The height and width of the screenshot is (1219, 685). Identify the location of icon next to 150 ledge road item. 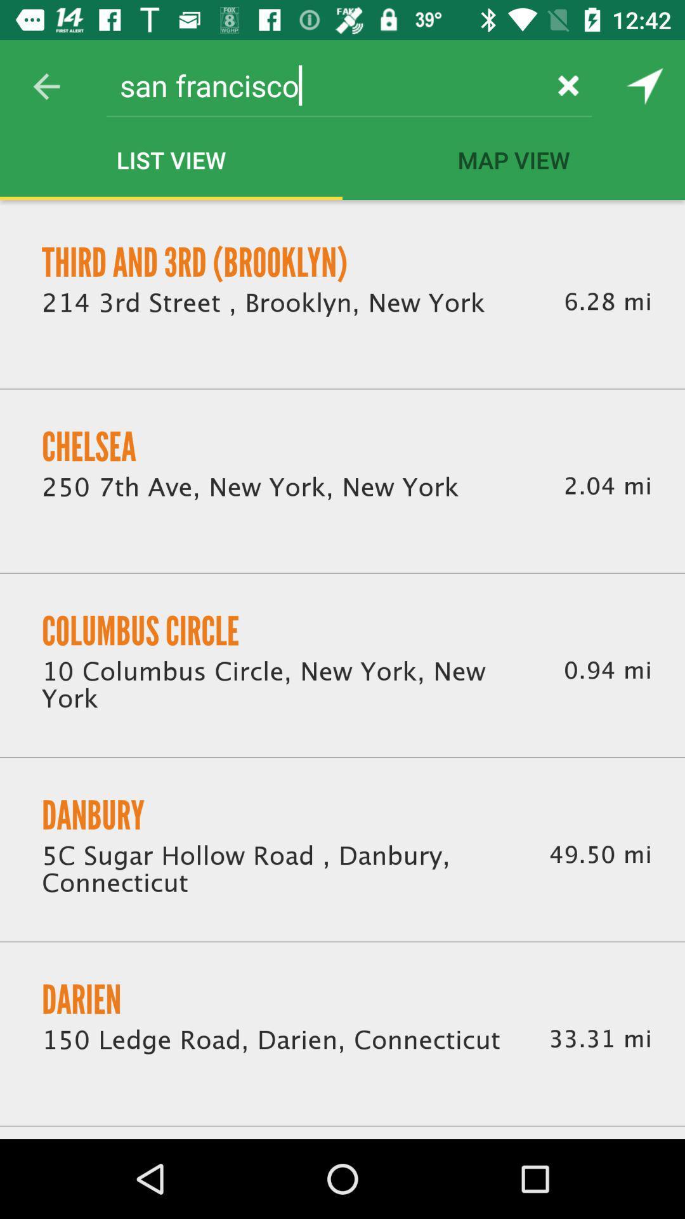
(599, 1039).